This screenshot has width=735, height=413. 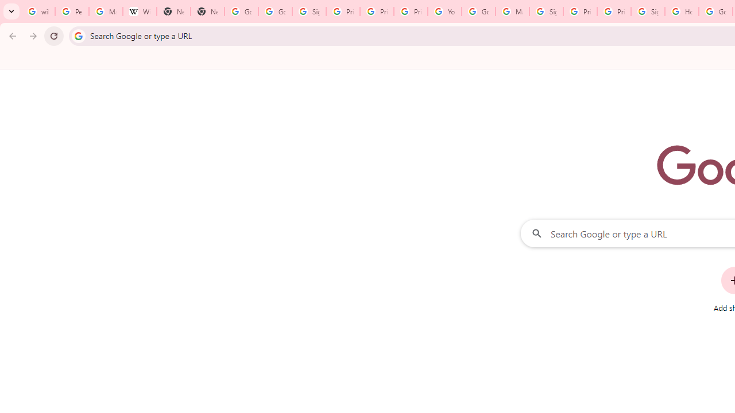 I want to click on 'YouTube', so click(x=444, y=11).